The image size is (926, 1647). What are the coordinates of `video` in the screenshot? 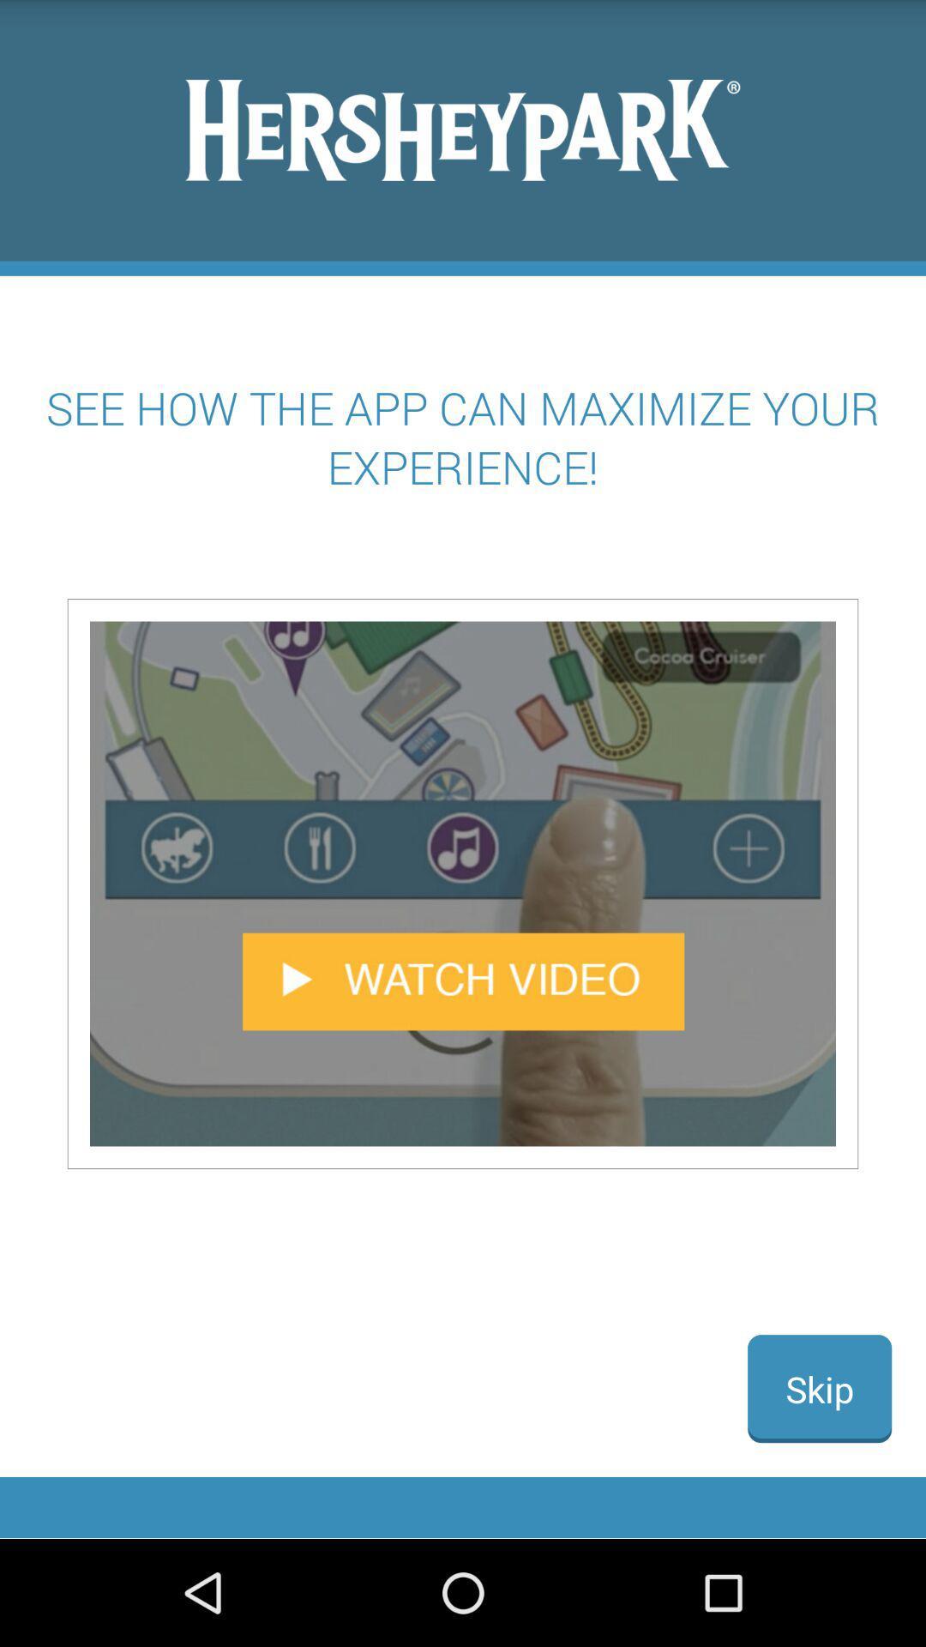 It's located at (463, 884).